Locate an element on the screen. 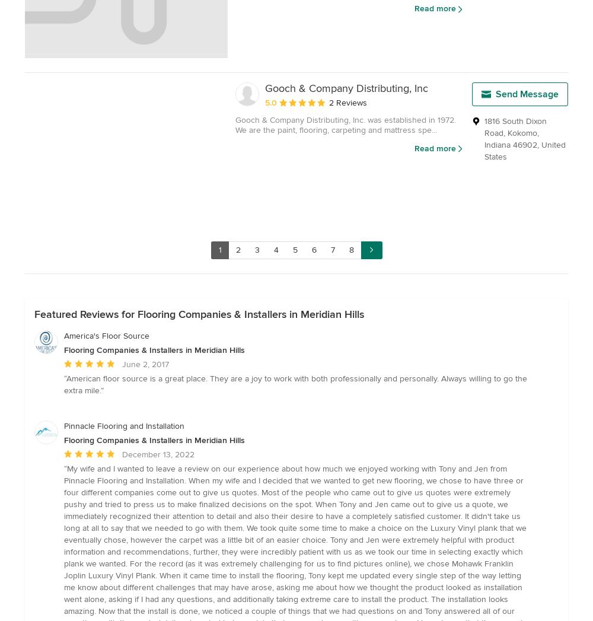  '3' is located at coordinates (257, 249).